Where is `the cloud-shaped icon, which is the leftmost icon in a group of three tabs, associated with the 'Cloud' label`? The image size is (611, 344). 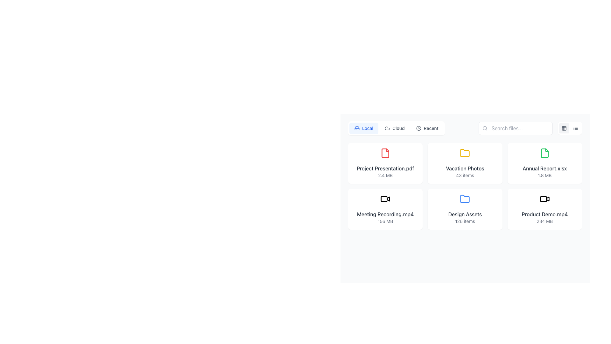 the cloud-shaped icon, which is the leftmost icon in a group of three tabs, associated with the 'Cloud' label is located at coordinates (387, 128).